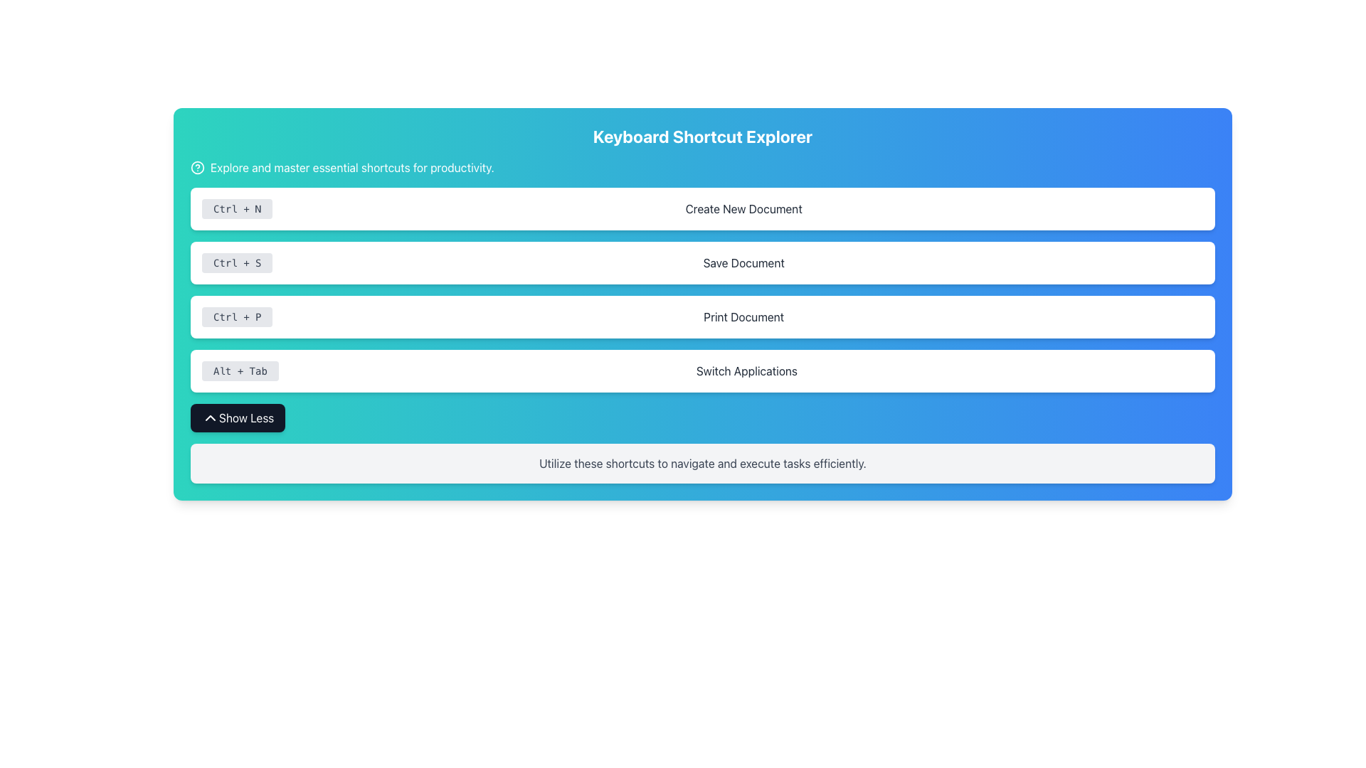 The width and height of the screenshot is (1366, 768). I want to click on the informative shortcut key display indicating 'Ctrl + N' creates a new document, which is the first item in the Keyboard Shortcut Explorer list, so click(703, 208).